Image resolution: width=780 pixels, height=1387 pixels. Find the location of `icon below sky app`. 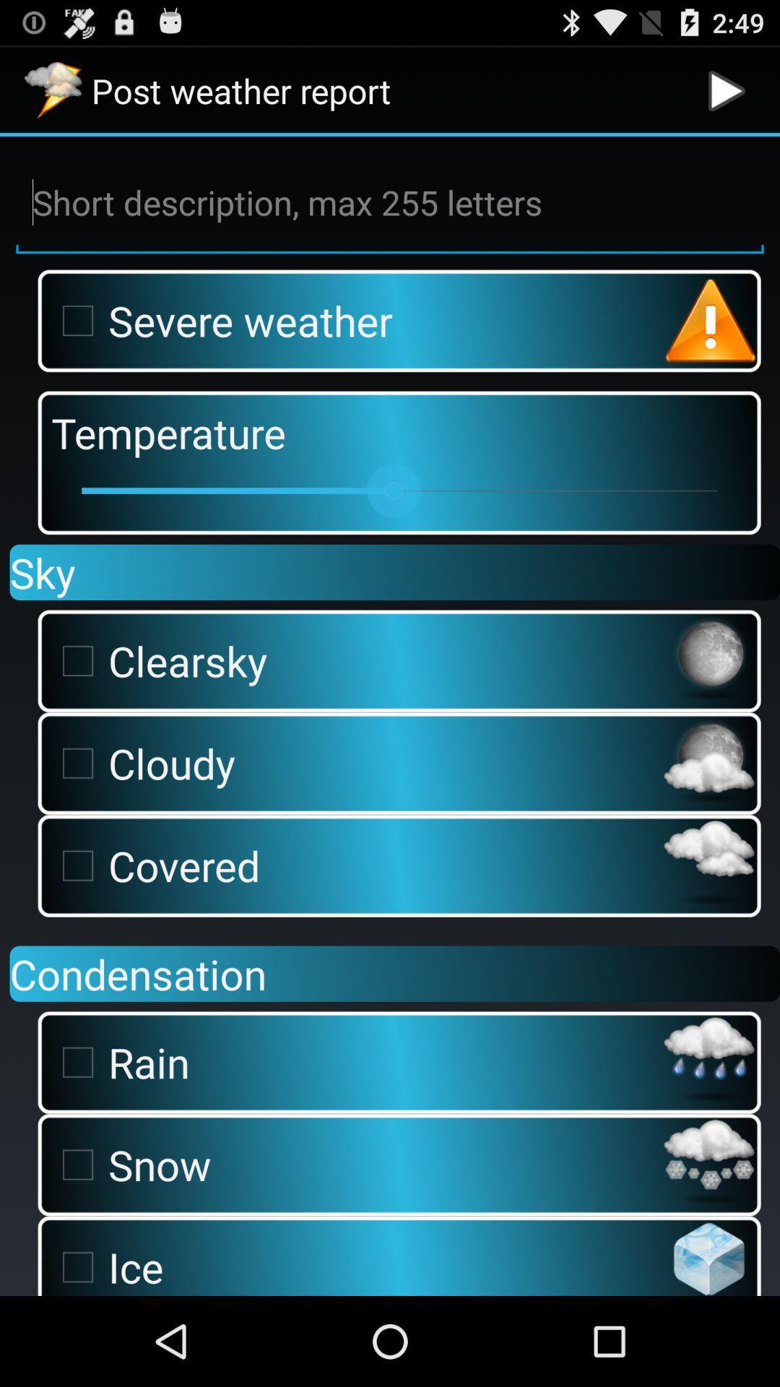

icon below sky app is located at coordinates (353, 660).